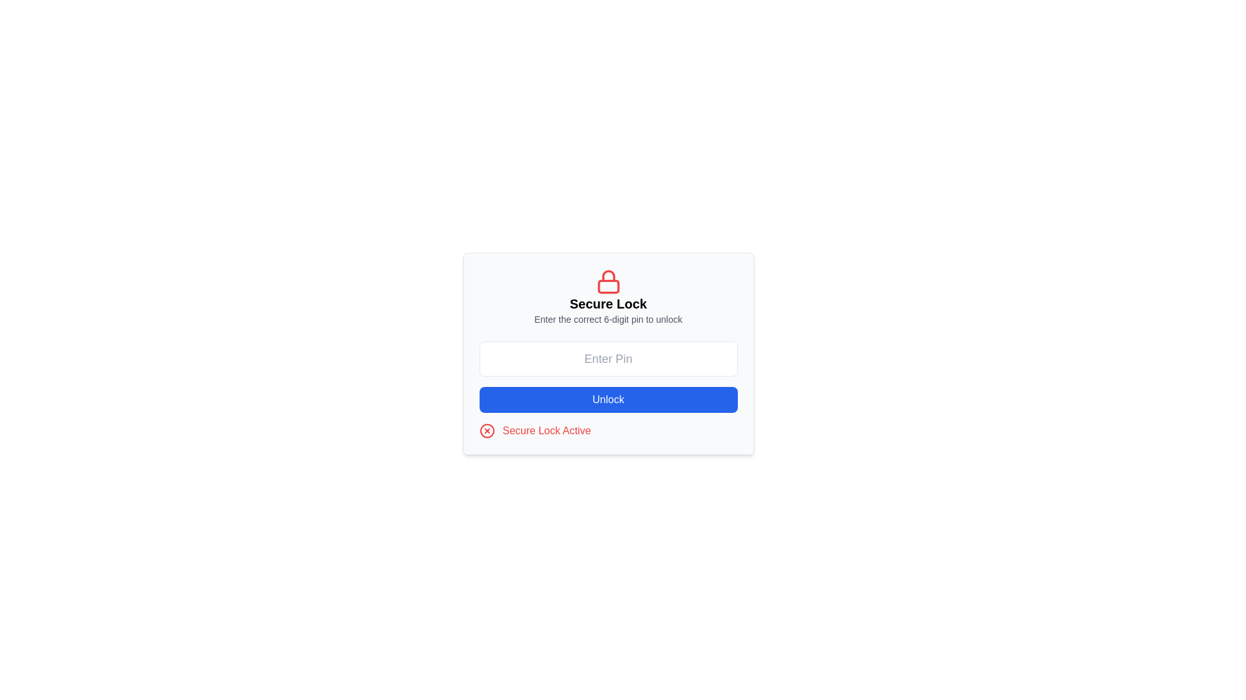 This screenshot has height=700, width=1246. Describe the element at coordinates (607, 399) in the screenshot. I see `the 'Unlock' button located within the 'Secure Lock' card below the 'Enter Pin' input field` at that location.